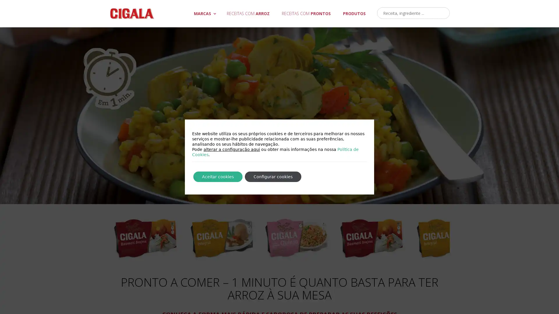  I want to click on Aceitar cookies, so click(217, 176).